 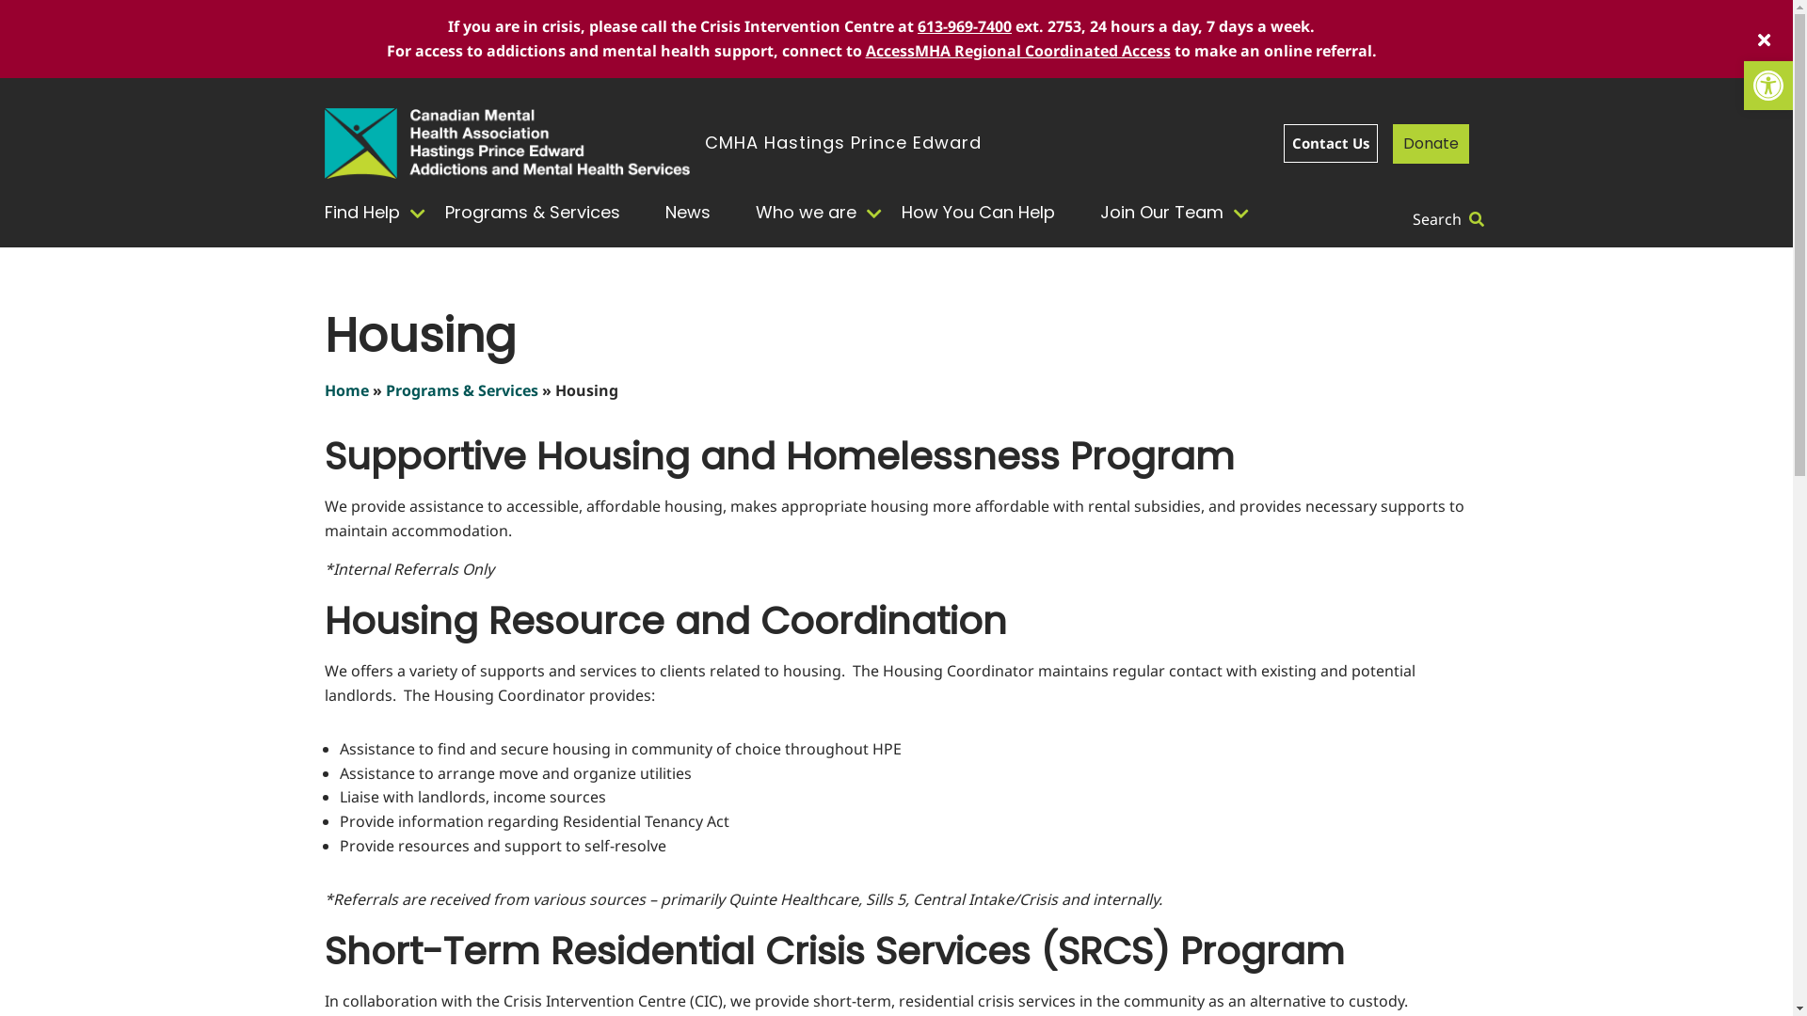 What do you see at coordinates (984, 212) in the screenshot?
I see `'How You Can Help'` at bounding box center [984, 212].